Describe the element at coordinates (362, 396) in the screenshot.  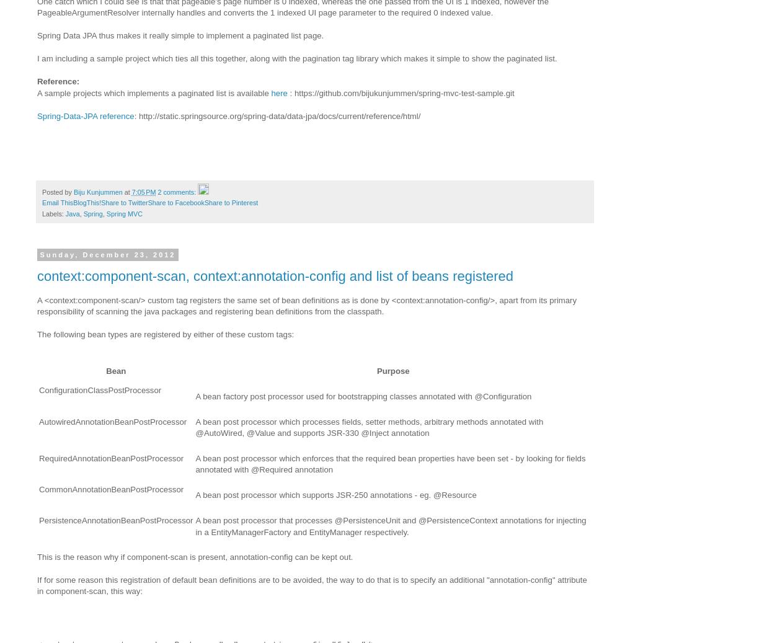
I see `'A bean factory post processor used for bootstrapping classes annotated with @Configuration'` at that location.